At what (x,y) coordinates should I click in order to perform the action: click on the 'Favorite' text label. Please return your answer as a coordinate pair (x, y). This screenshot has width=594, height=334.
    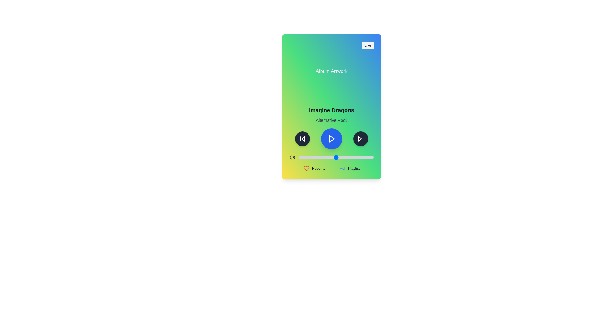
    Looking at the image, I should click on (319, 168).